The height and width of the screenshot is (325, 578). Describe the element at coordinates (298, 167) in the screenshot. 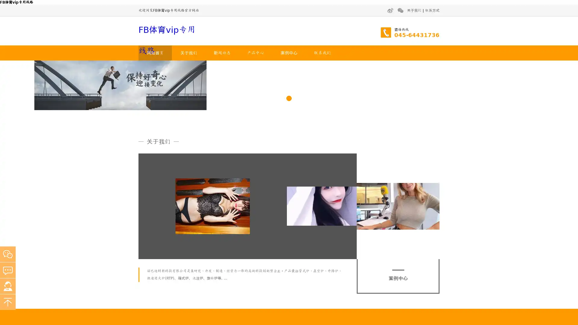

I see `3` at that location.